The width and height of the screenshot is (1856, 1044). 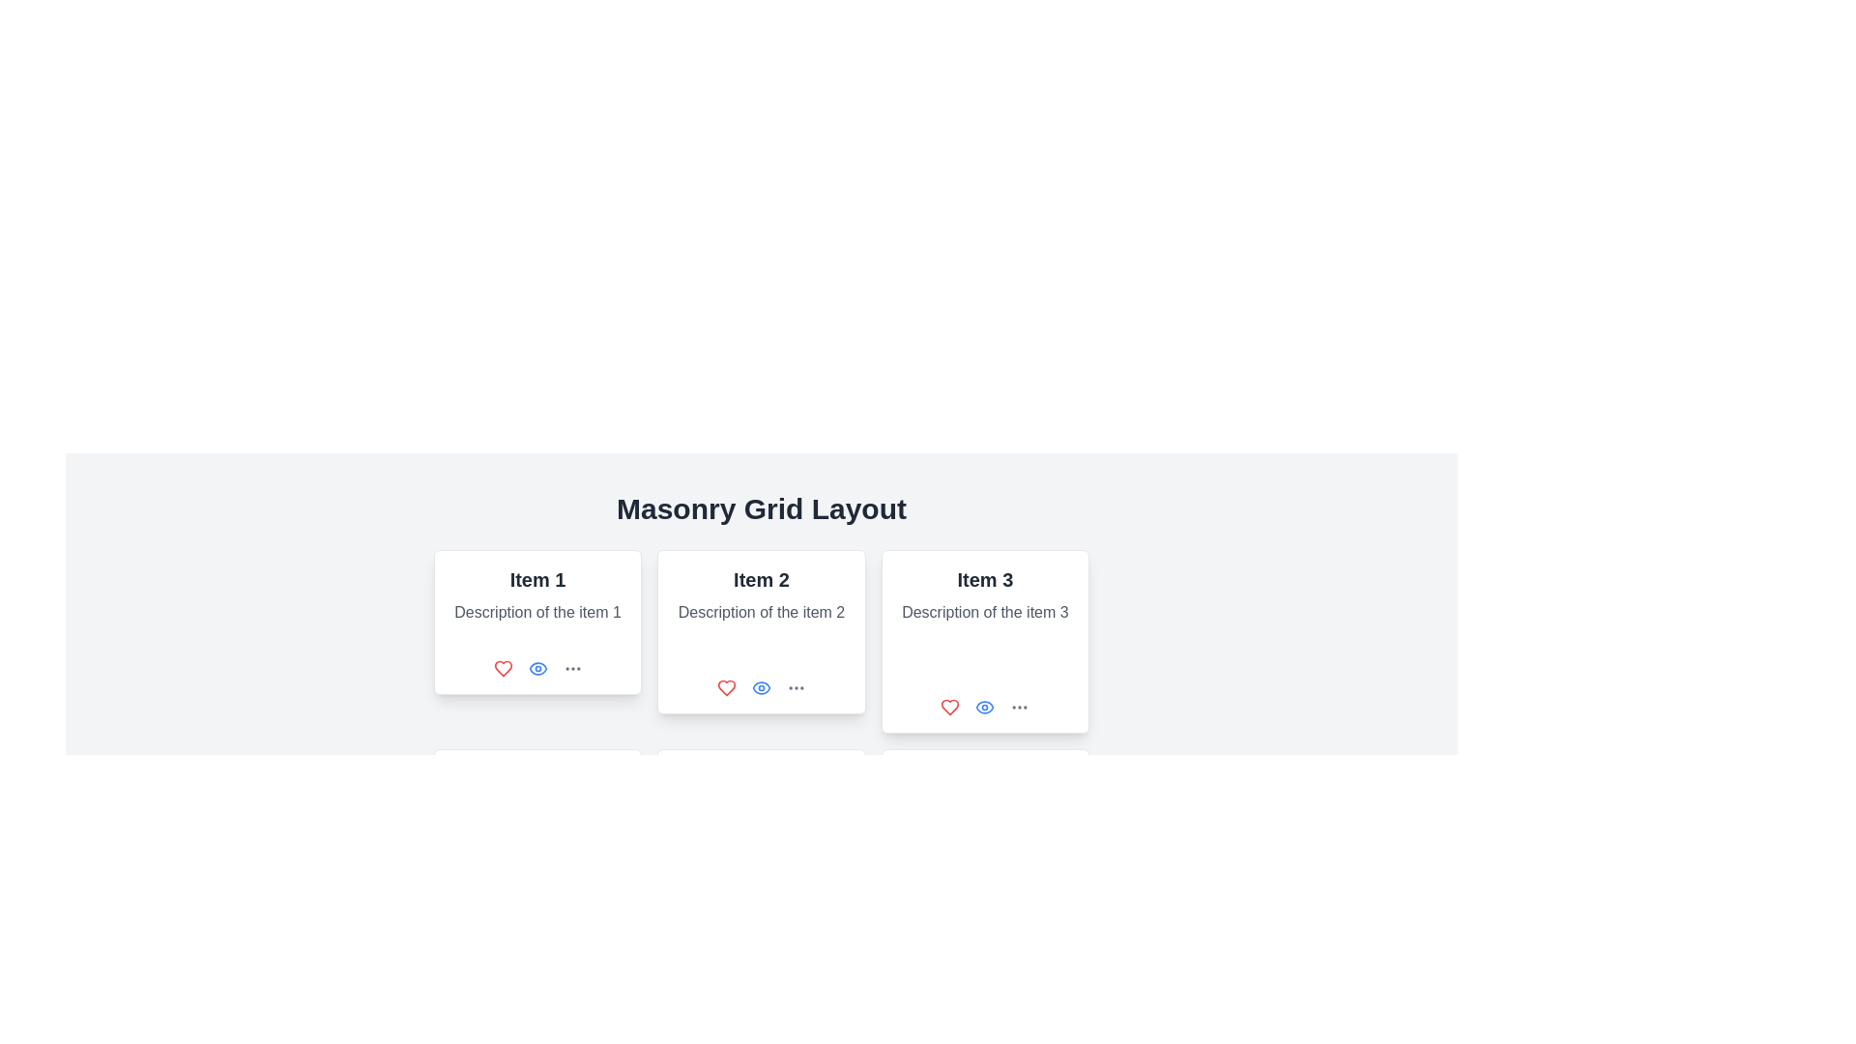 I want to click on the heart-shaped icon in the footer of the item card labeled 'Item 3', so click(x=950, y=708).